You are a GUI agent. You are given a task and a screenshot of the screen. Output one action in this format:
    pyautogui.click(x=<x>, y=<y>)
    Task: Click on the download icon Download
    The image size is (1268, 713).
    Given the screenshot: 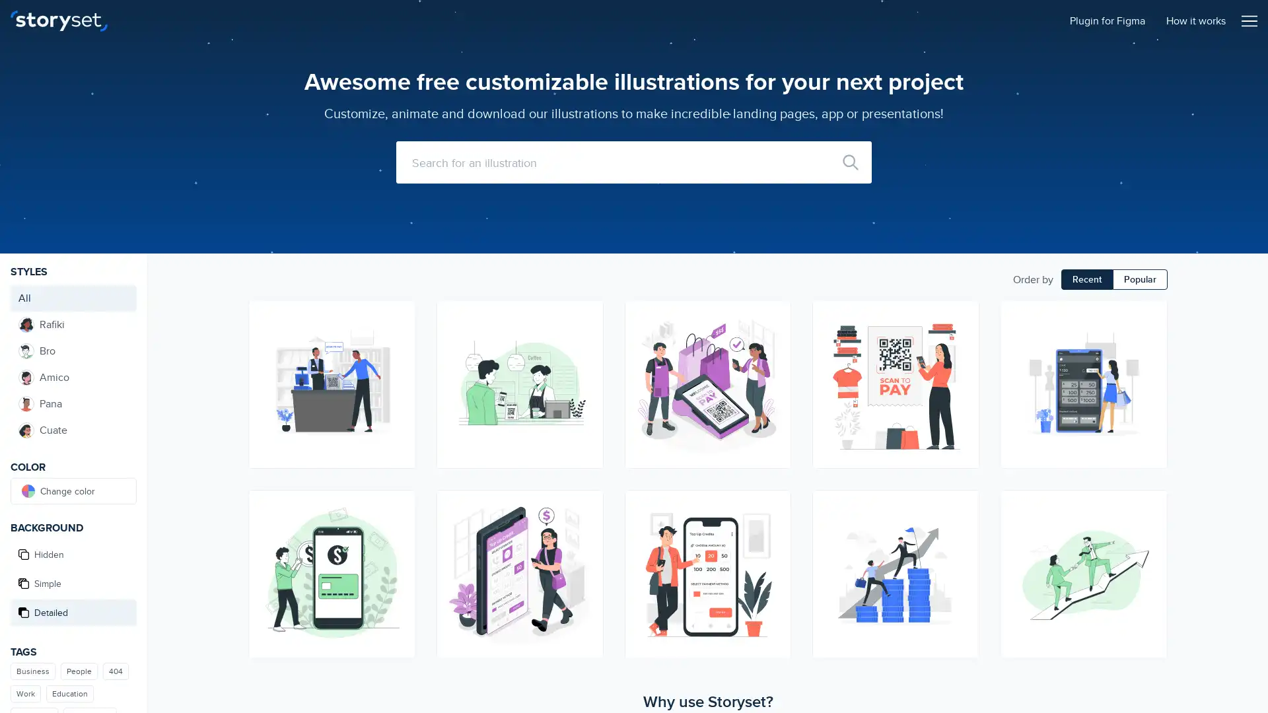 What is the action you would take?
    pyautogui.click(x=774, y=529)
    